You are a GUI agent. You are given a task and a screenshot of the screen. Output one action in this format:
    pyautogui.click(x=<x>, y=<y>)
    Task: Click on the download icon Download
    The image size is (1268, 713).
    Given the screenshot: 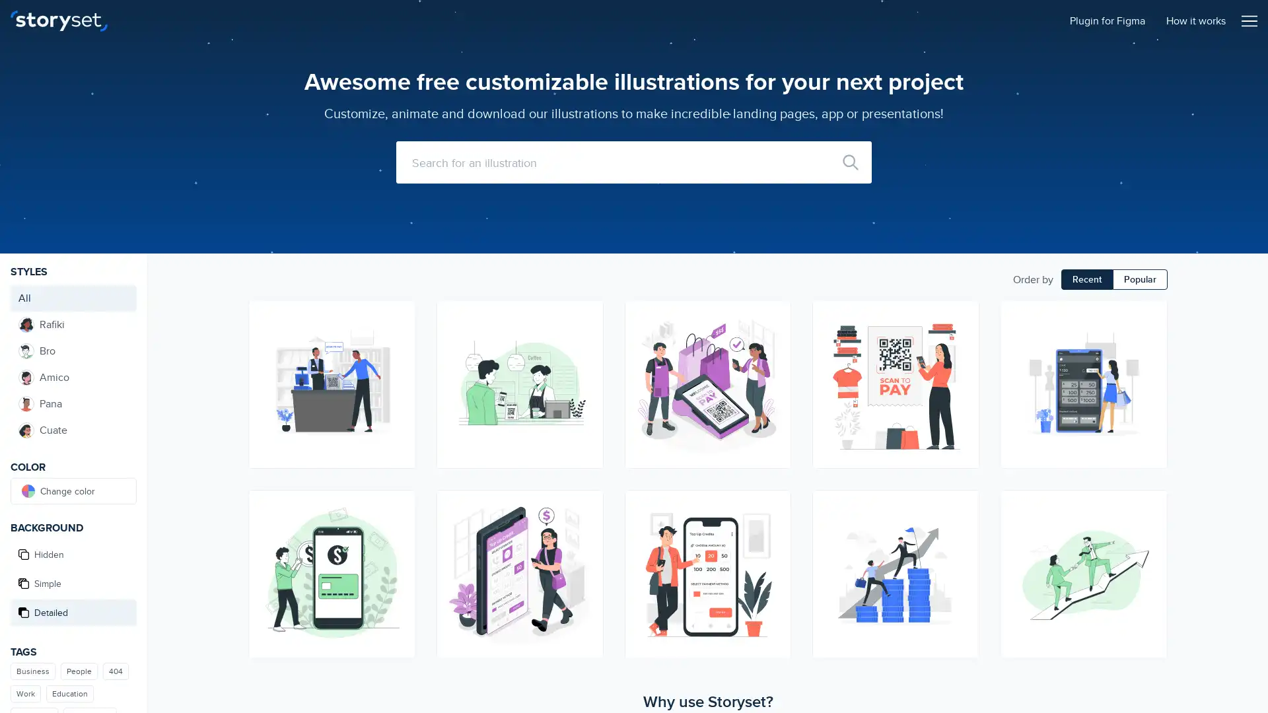 What is the action you would take?
    pyautogui.click(x=774, y=529)
    